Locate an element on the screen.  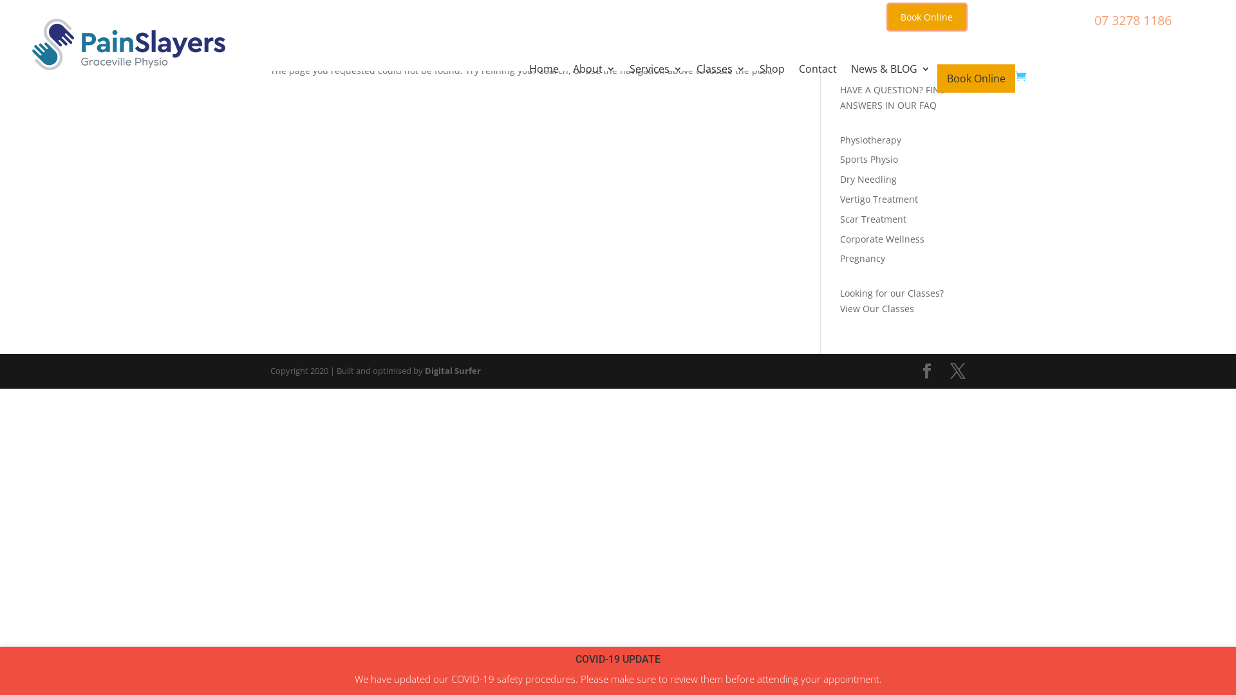
'logo-graceville300x80' is located at coordinates (129, 44).